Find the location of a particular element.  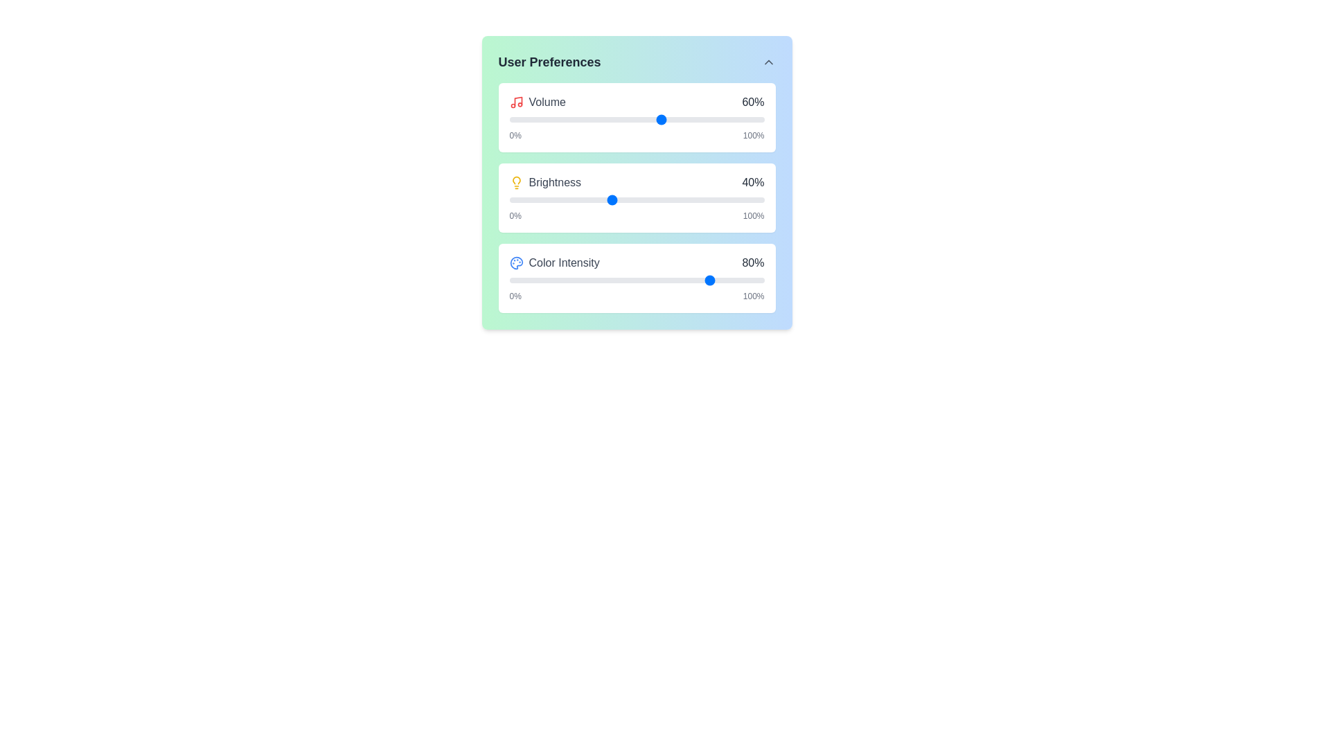

the volume is located at coordinates (636, 119).